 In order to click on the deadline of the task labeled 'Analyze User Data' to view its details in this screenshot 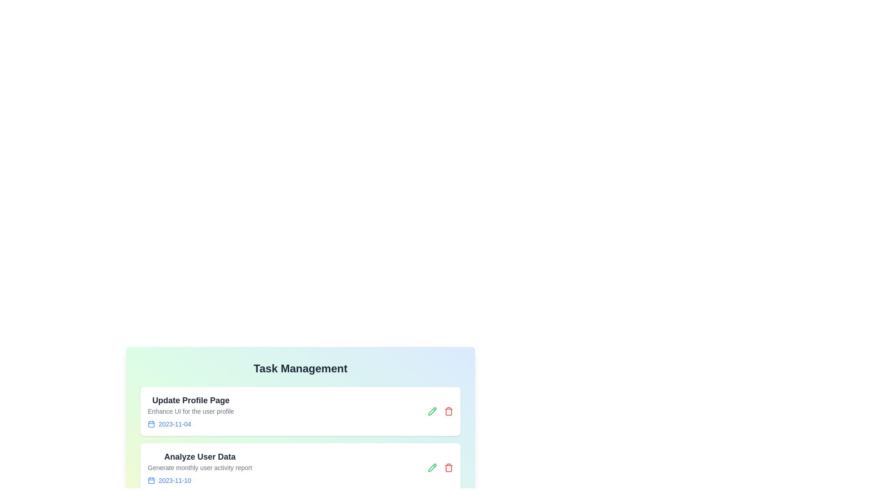, I will do `click(199, 480)`.